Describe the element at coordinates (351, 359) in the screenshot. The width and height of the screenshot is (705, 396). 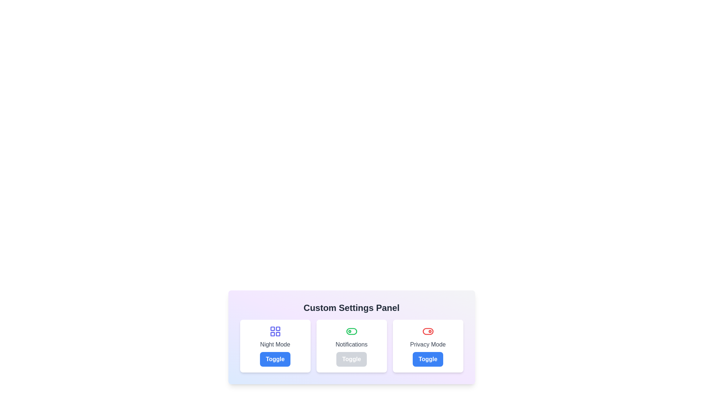
I see `'Toggle' button for the 'Notifications' setting` at that location.